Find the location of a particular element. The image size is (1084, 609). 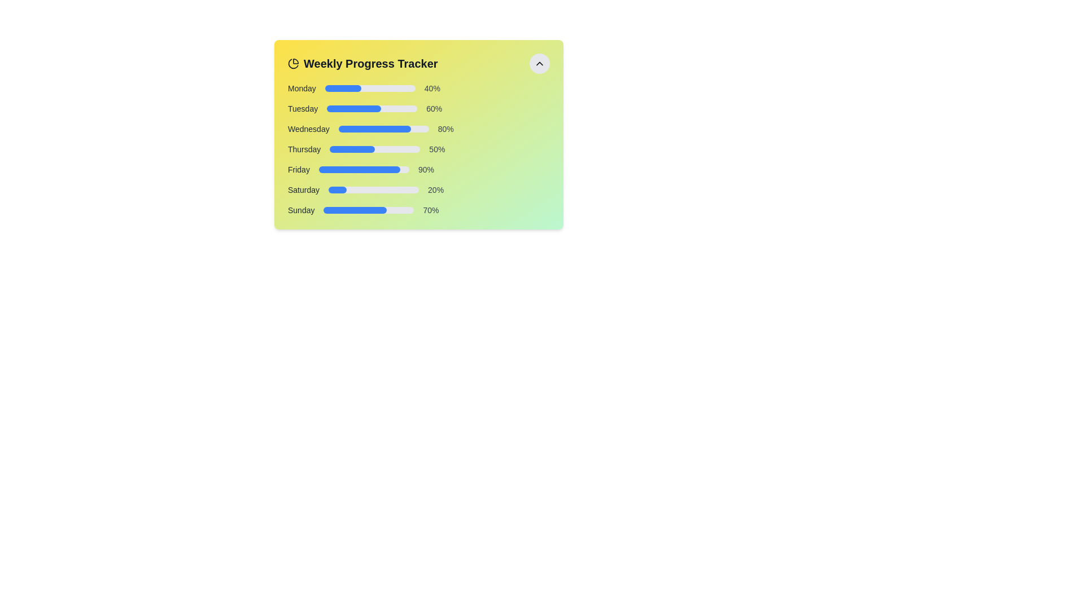

the progress bar element representing the progress for Thursday, which is the fourth entry in the list of progress bars is located at coordinates (418, 149).